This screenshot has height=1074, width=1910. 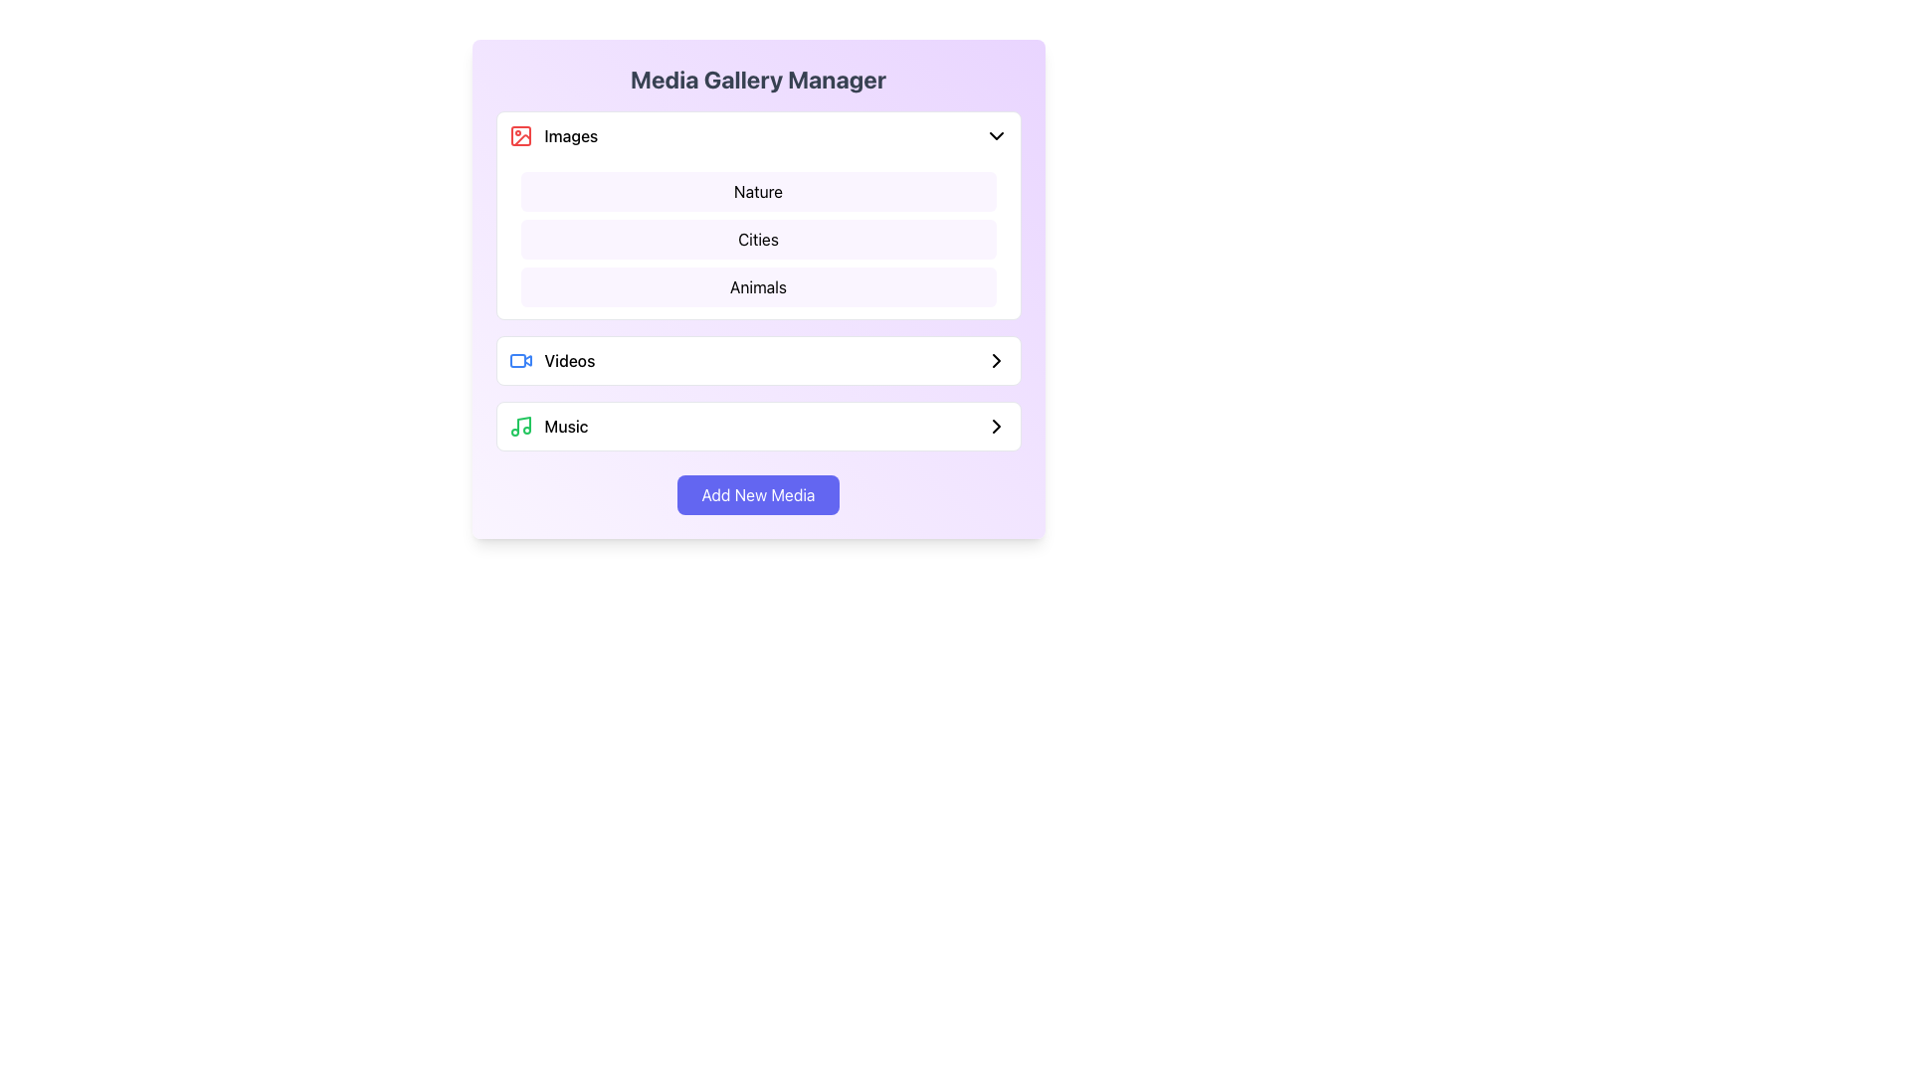 What do you see at coordinates (523, 424) in the screenshot?
I see `the primary vertical line of the musical note icon in the 'Music' section of the 'Media Gallery Manager' interface` at bounding box center [523, 424].